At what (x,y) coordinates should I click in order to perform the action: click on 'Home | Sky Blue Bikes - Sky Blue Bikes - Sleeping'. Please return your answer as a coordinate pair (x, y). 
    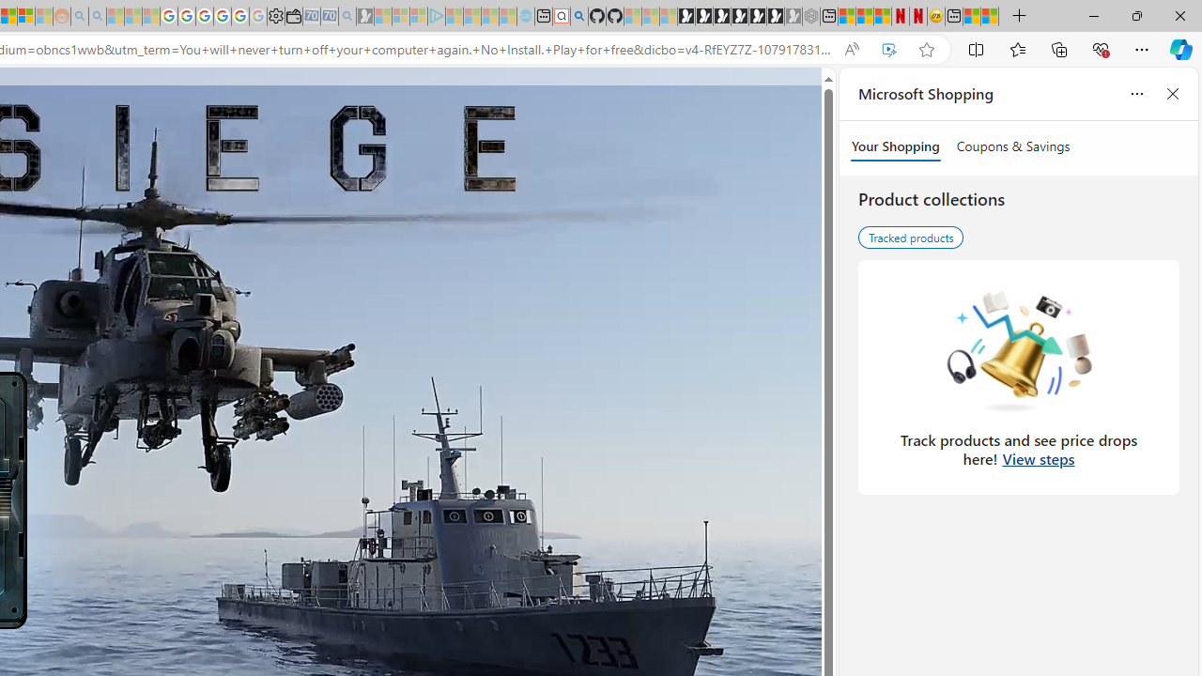
    Looking at the image, I should click on (526, 16).